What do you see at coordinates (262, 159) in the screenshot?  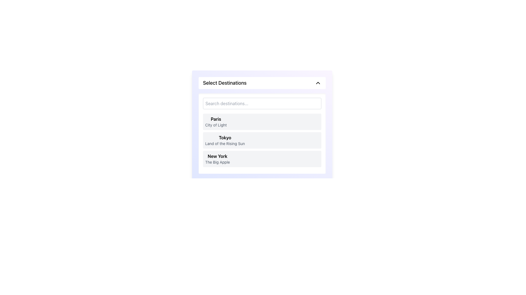 I see `the list item displaying 'New York' in the vertically-stacked menu` at bounding box center [262, 159].